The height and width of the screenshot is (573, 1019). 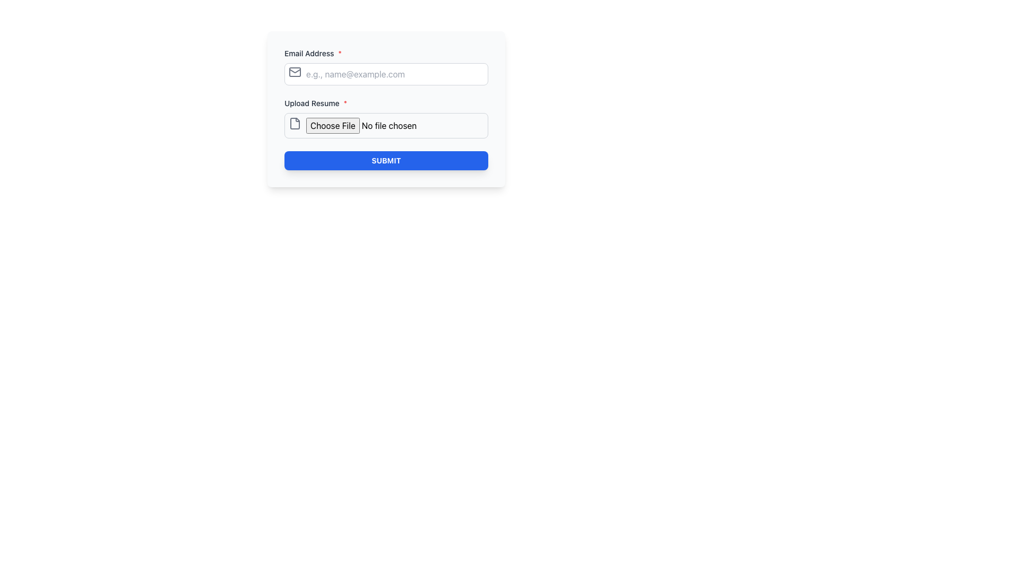 What do you see at coordinates (340, 53) in the screenshot?
I see `the small red asterisk symbol that indicates the mandatory nature of the 'Email Address' field, positioned immediately to the right of the label` at bounding box center [340, 53].